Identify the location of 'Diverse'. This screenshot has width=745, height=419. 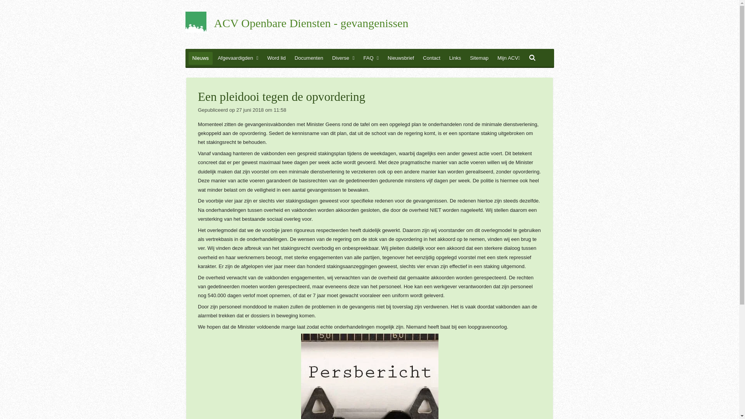
(328, 58).